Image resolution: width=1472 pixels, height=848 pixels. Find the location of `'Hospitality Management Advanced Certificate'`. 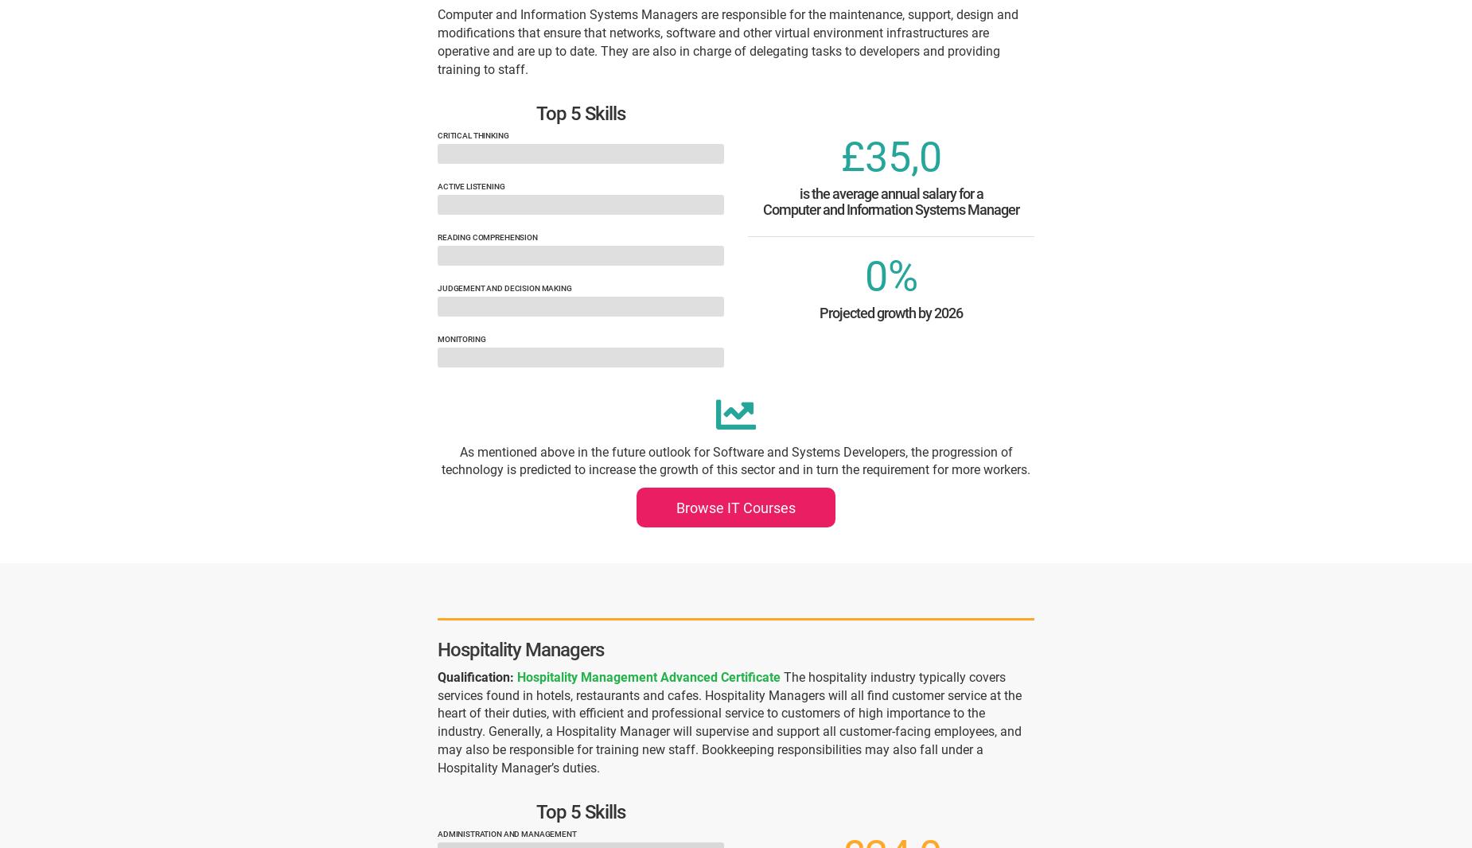

'Hospitality Management Advanced Certificate' is located at coordinates (648, 676).